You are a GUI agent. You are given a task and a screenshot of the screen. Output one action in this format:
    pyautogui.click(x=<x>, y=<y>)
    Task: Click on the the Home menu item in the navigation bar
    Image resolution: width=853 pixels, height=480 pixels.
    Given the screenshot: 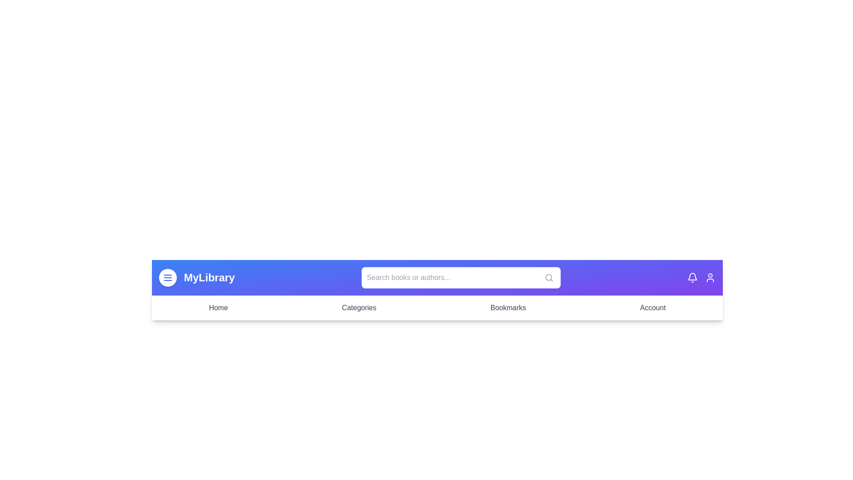 What is the action you would take?
    pyautogui.click(x=218, y=308)
    